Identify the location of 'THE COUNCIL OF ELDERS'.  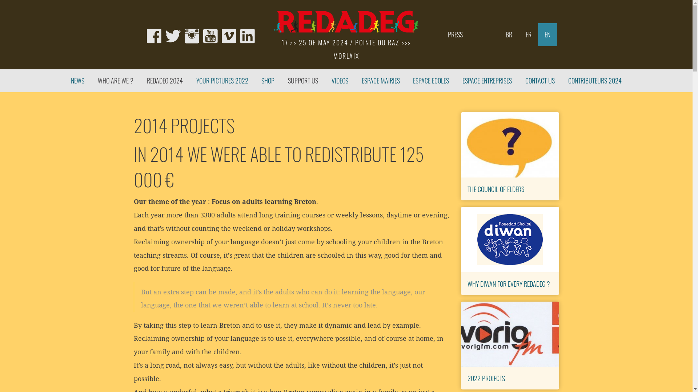
(468, 188).